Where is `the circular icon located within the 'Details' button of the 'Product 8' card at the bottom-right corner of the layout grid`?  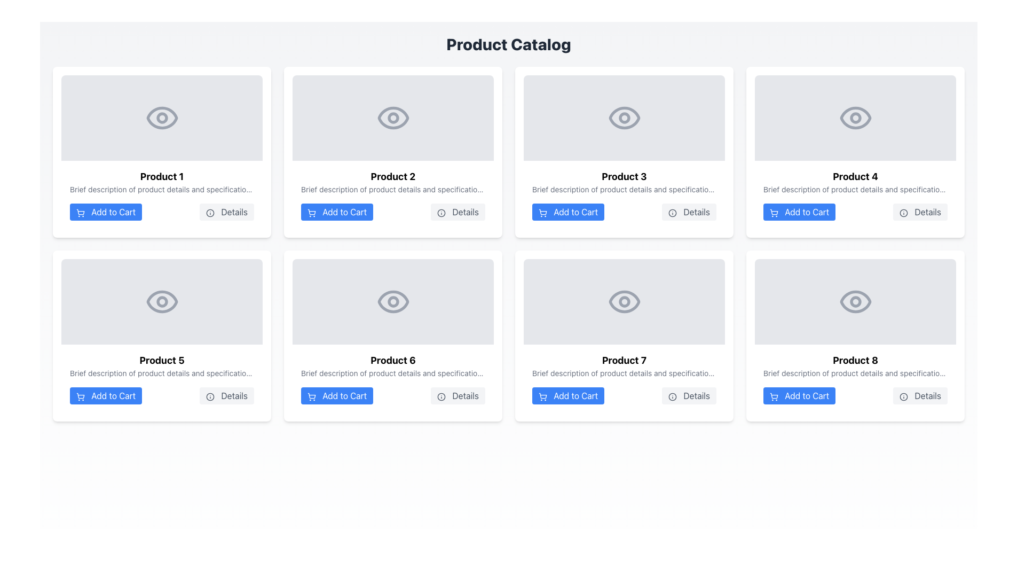
the circular icon located within the 'Details' button of the 'Product 8' card at the bottom-right corner of the layout grid is located at coordinates (903, 396).